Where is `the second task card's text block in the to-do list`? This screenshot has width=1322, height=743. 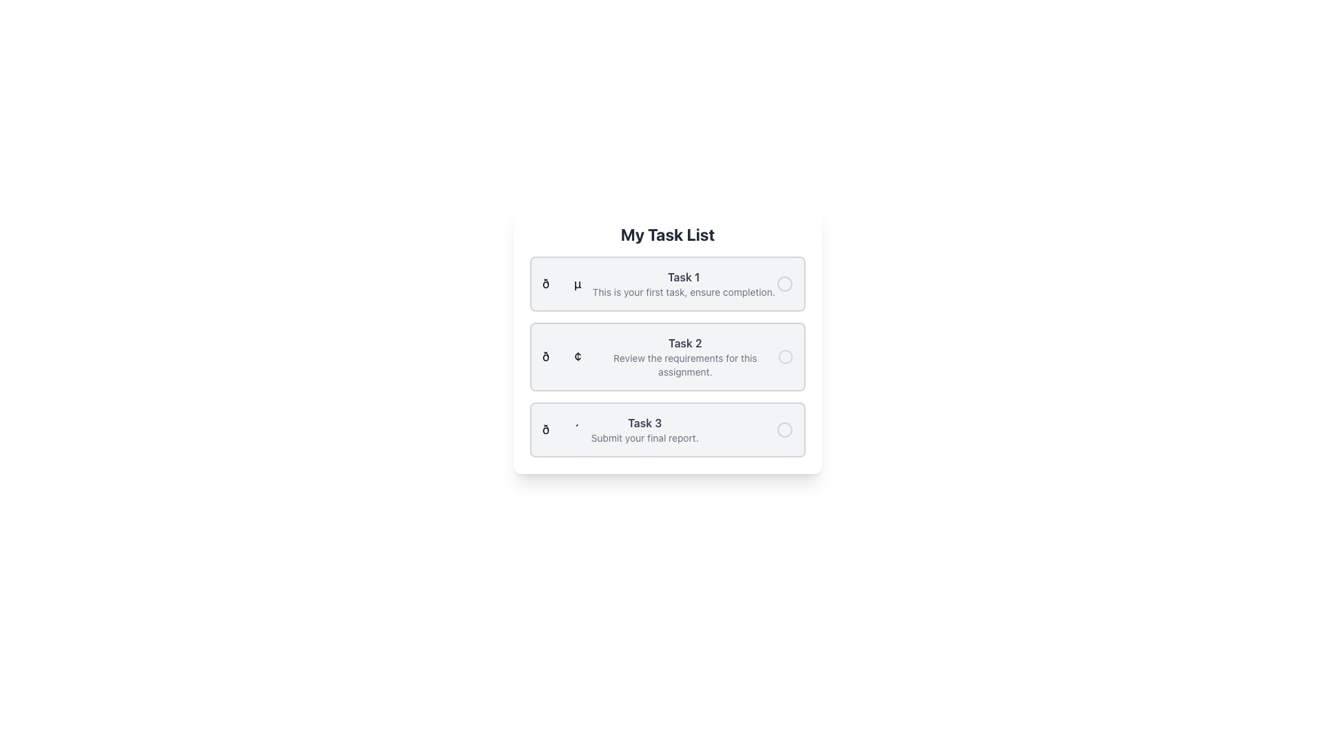 the second task card's text block in the to-do list is located at coordinates (685, 356).